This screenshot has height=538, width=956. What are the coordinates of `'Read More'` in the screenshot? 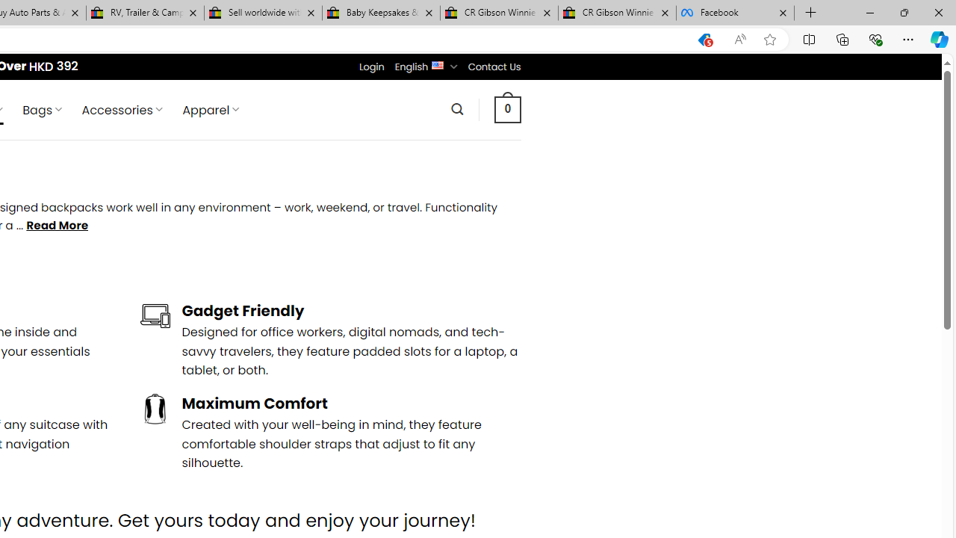 It's located at (57, 226).